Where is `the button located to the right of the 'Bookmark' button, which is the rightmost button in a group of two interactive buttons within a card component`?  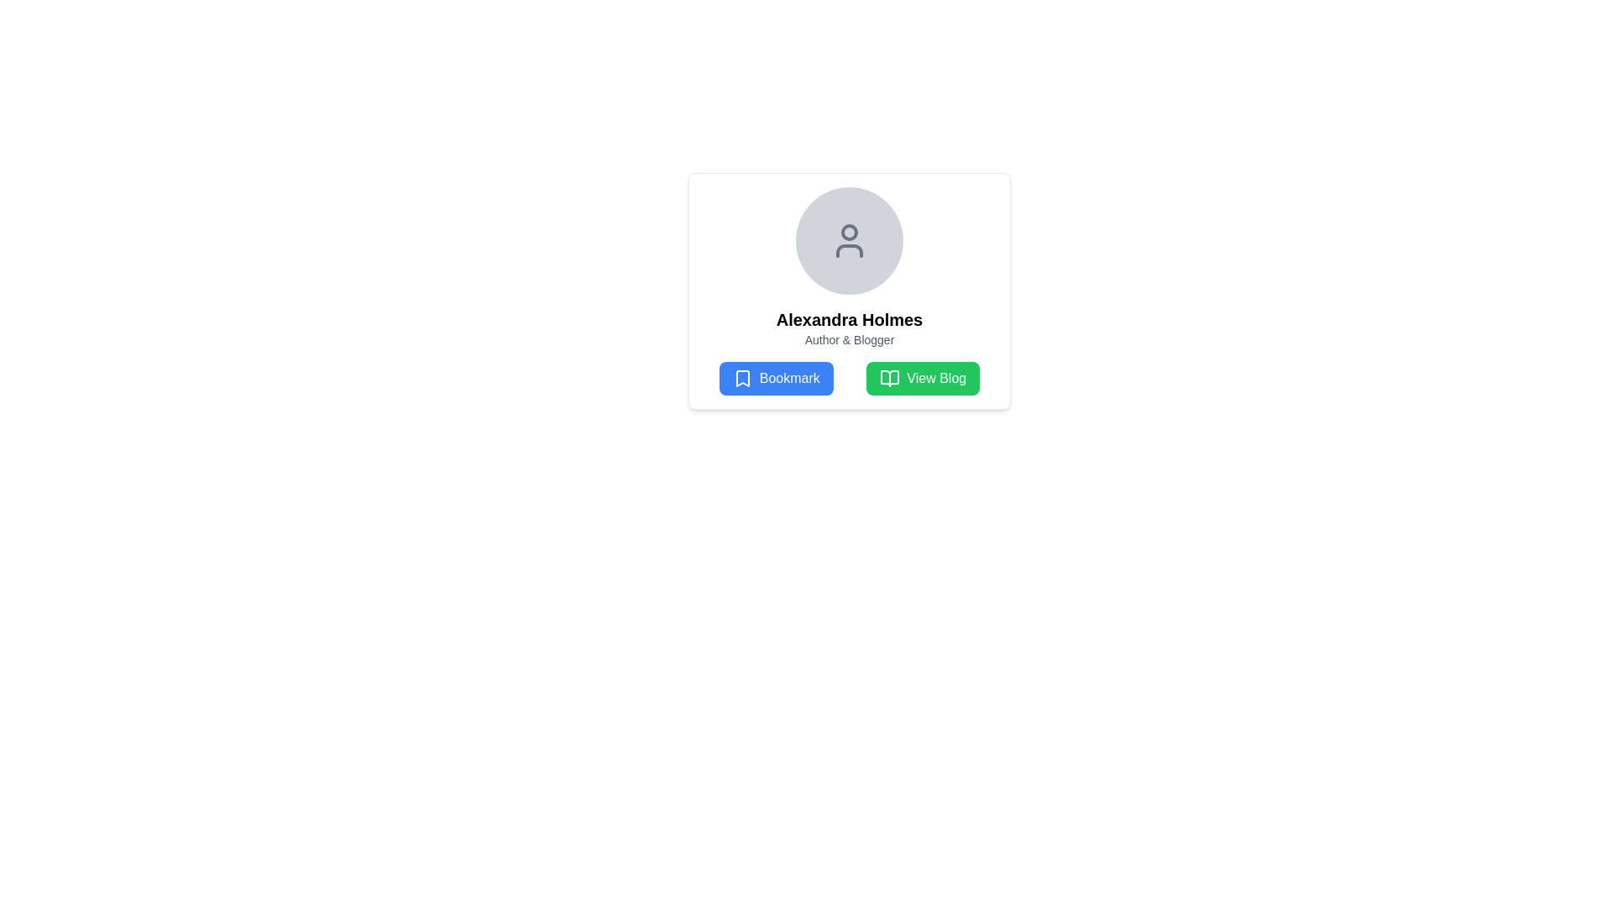
the button located to the right of the 'Bookmark' button, which is the rightmost button in a group of two interactive buttons within a card component is located at coordinates (922, 379).